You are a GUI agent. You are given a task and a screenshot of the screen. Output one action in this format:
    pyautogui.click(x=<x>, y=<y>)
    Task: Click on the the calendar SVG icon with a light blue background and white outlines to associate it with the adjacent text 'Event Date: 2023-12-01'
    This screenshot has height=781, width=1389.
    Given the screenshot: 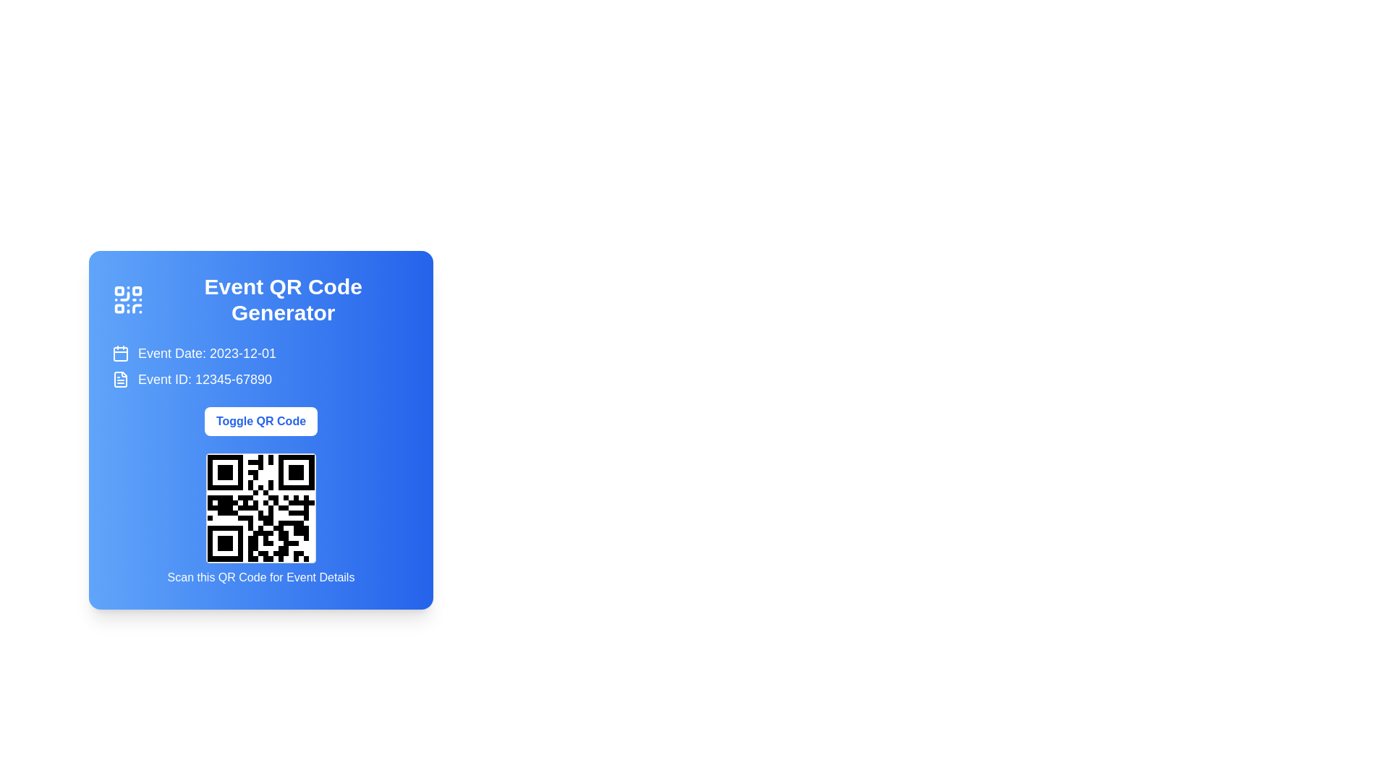 What is the action you would take?
    pyautogui.click(x=121, y=354)
    